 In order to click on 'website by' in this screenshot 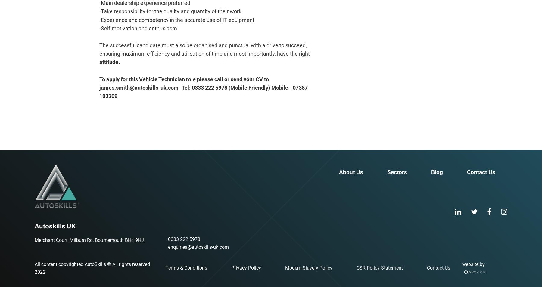, I will do `click(473, 264)`.